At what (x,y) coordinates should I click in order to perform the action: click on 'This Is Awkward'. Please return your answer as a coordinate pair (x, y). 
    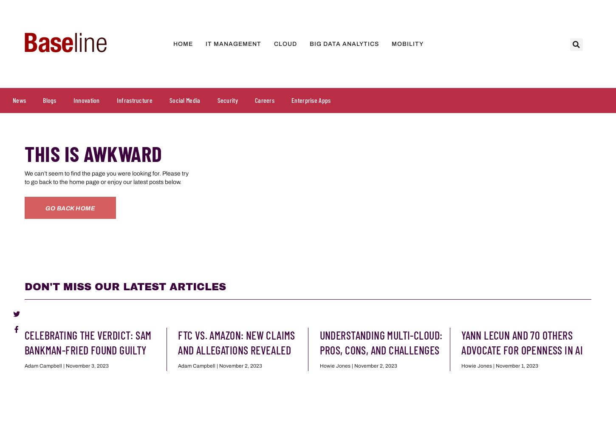
    Looking at the image, I should click on (93, 153).